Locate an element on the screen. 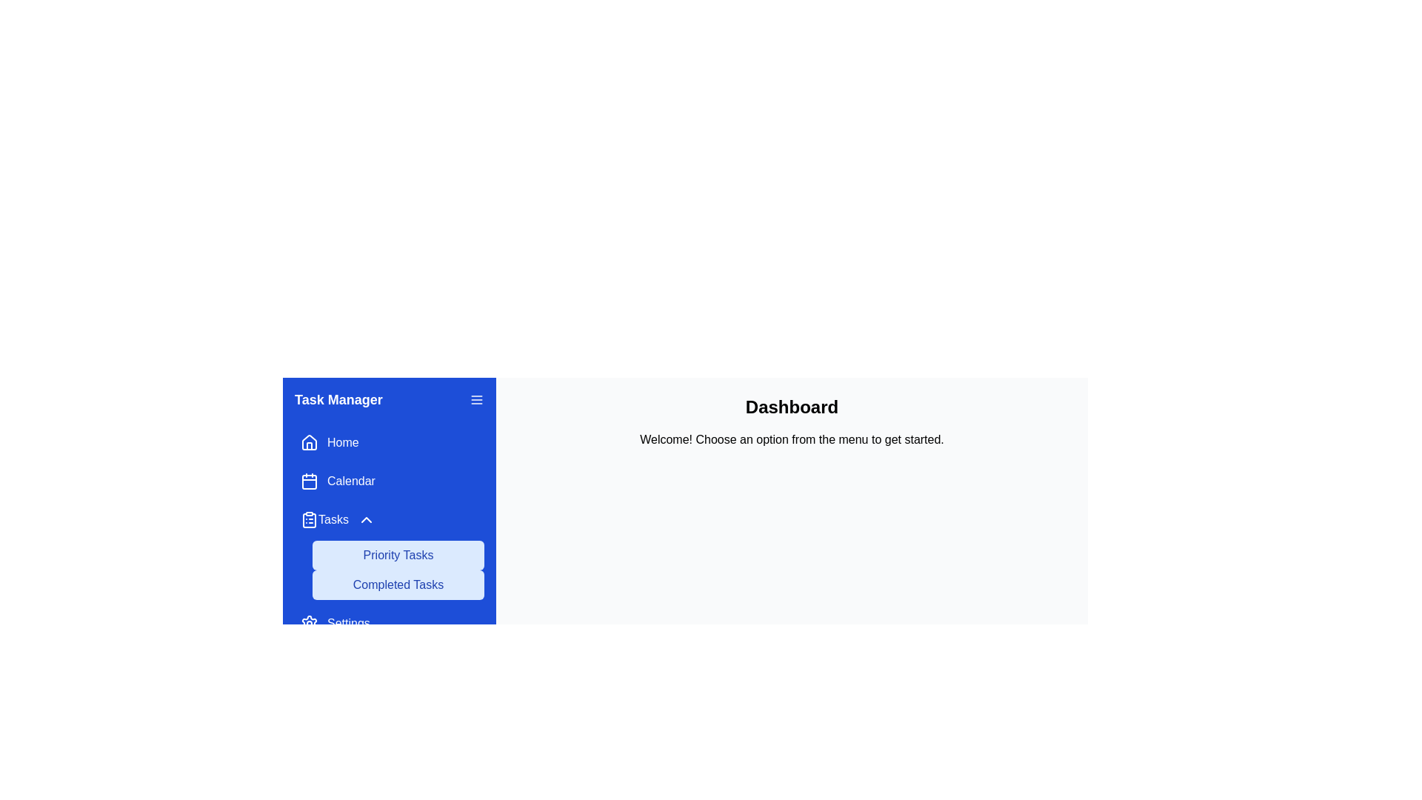  the Navigation menu options in the Task Manager panel is located at coordinates (390, 533).